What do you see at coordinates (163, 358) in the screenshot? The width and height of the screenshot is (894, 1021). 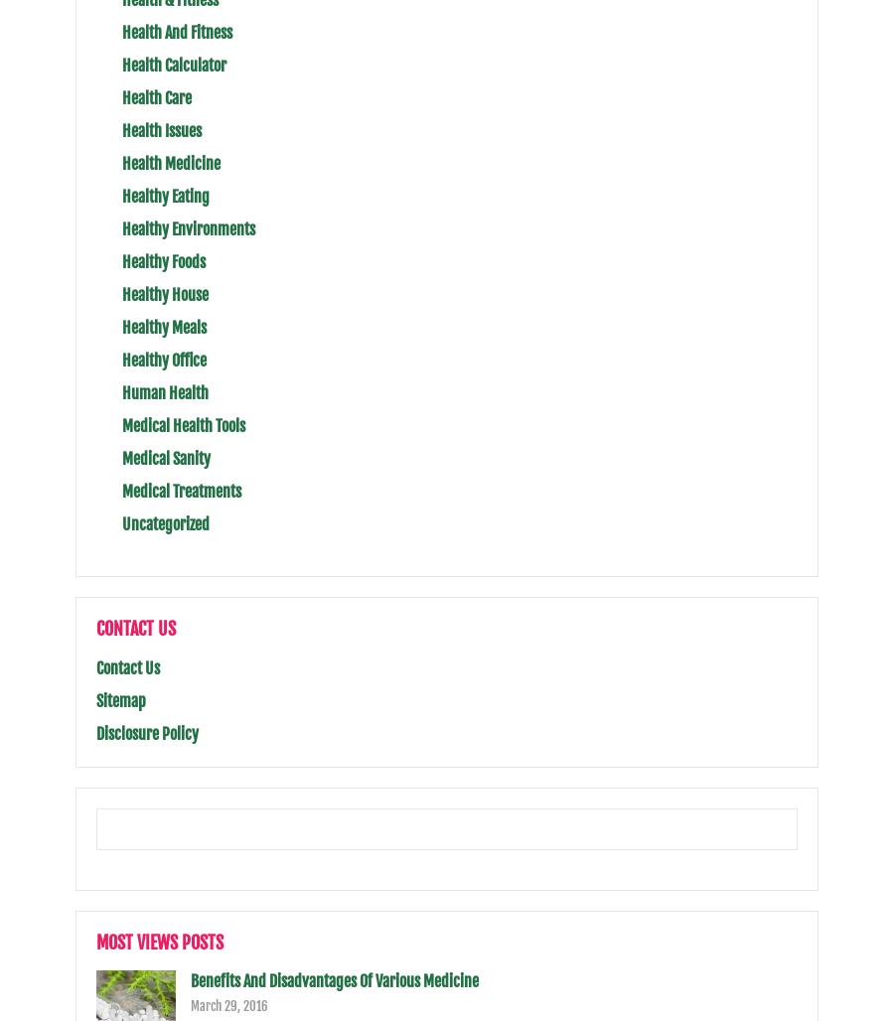 I see `'Healthy Office'` at bounding box center [163, 358].